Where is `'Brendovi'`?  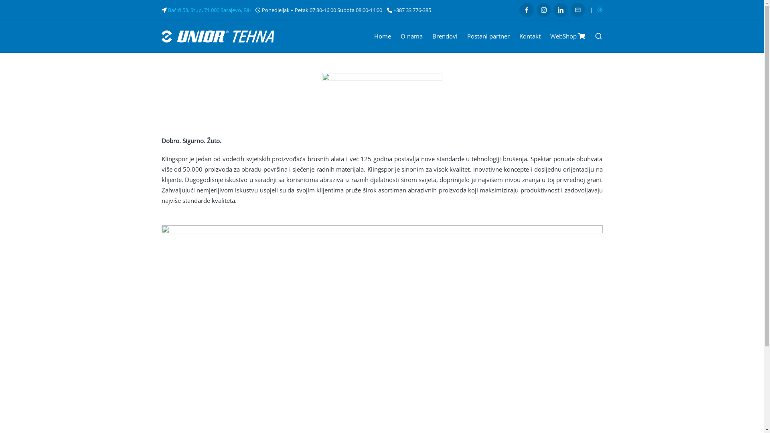
'Brendovi' is located at coordinates (444, 36).